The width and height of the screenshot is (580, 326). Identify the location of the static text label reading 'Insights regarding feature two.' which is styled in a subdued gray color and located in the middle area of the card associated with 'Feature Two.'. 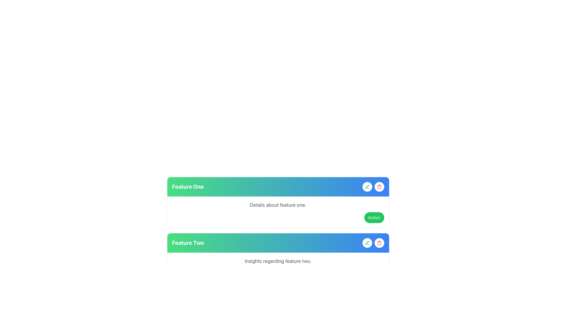
(278, 260).